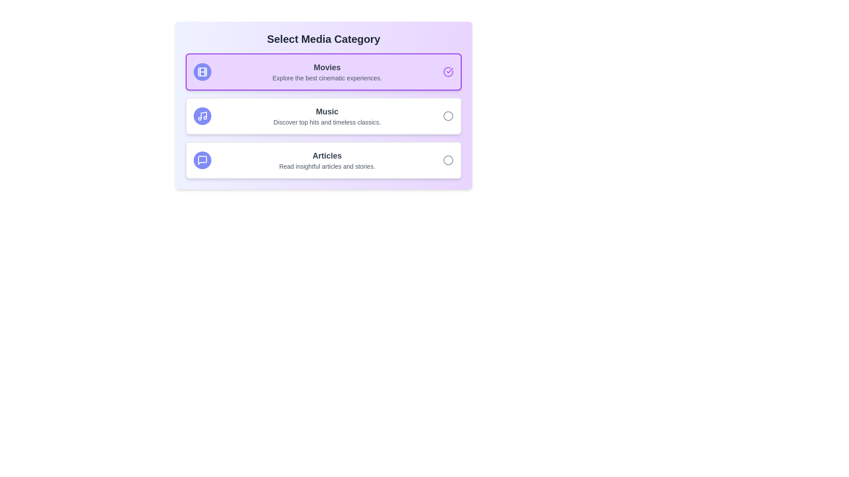  Describe the element at coordinates (202, 115) in the screenshot. I see `the music category icon located to the left of the 'Music' title, above the description text 'Discover top hits and timeless classics.'` at that location.